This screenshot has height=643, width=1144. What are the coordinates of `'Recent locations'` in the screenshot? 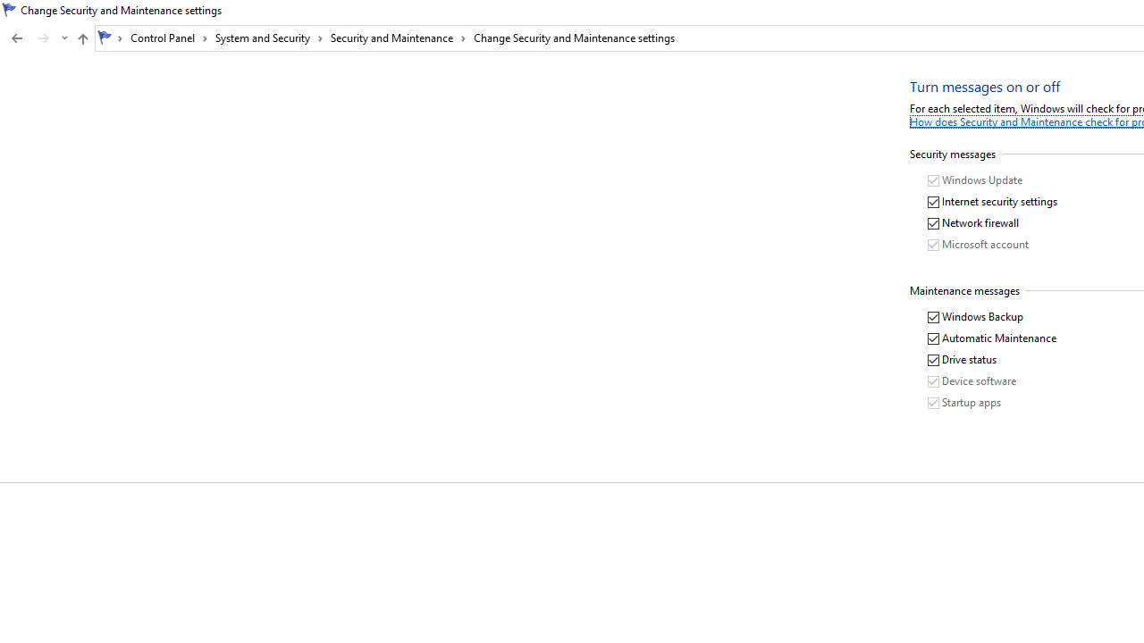 It's located at (63, 38).